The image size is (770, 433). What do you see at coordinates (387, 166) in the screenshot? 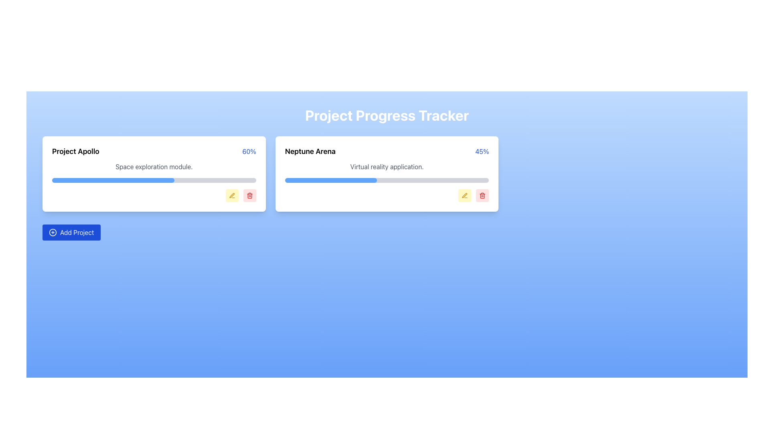
I see `the text element stating 'Virtual reality application.' which is styled in gray and located centrally below the title and percentage display in the 'Neptune Arena' card` at bounding box center [387, 166].